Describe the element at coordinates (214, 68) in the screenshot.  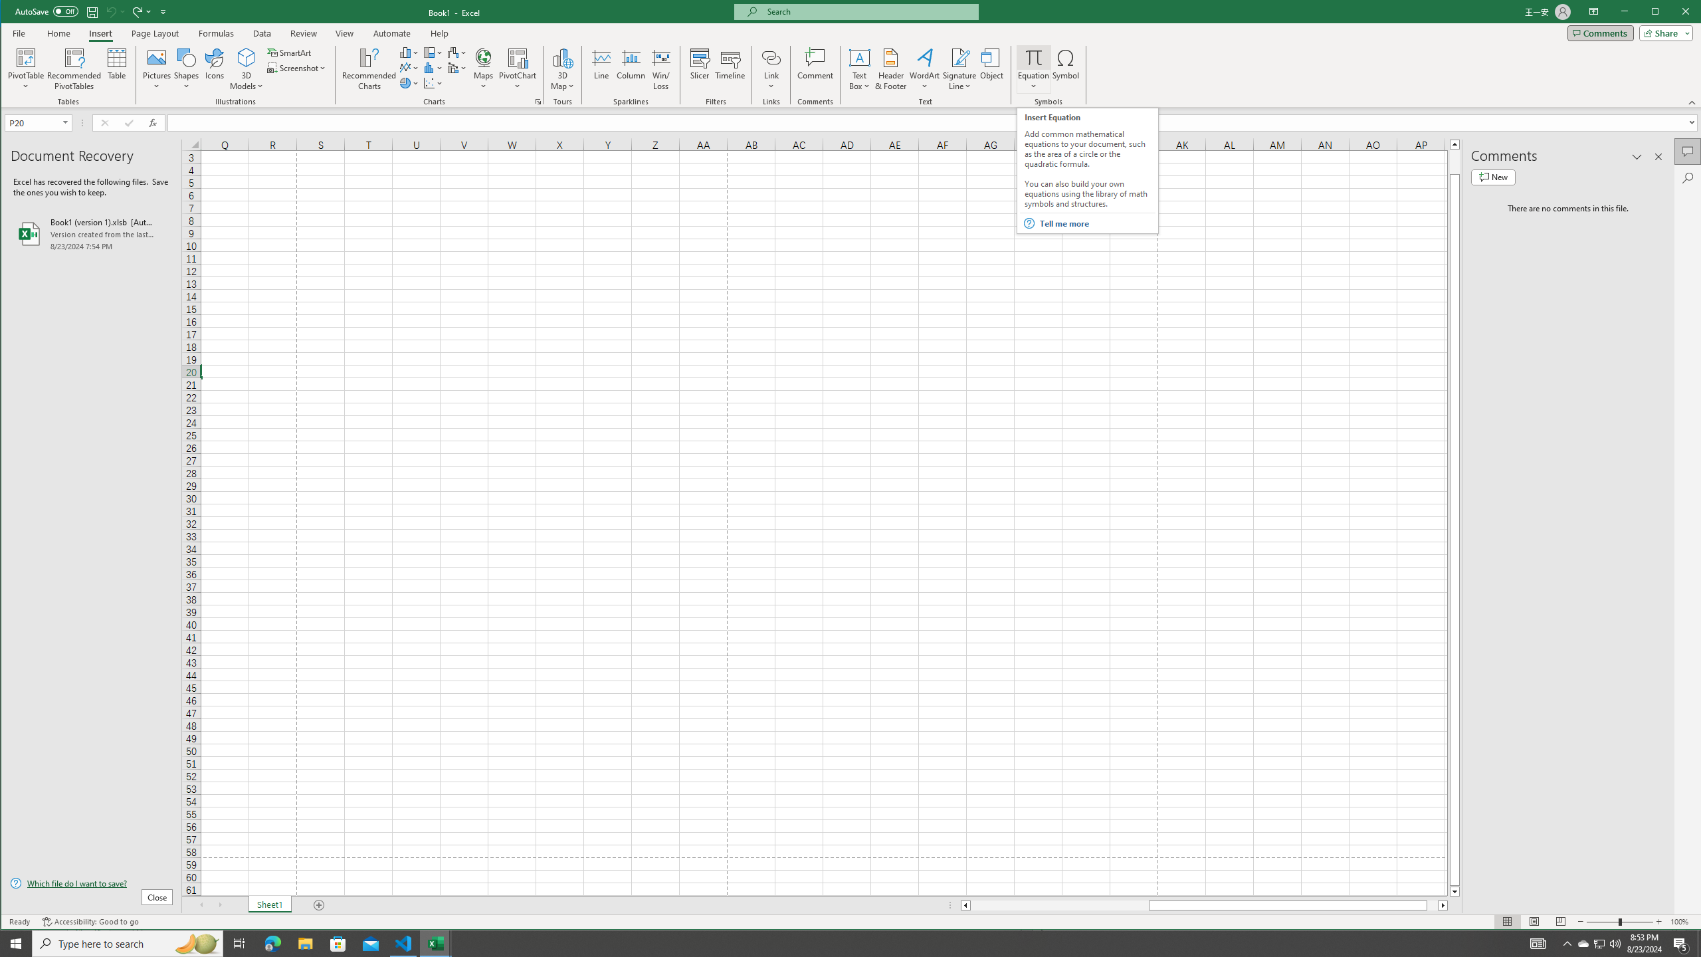
I see `'Icons'` at that location.